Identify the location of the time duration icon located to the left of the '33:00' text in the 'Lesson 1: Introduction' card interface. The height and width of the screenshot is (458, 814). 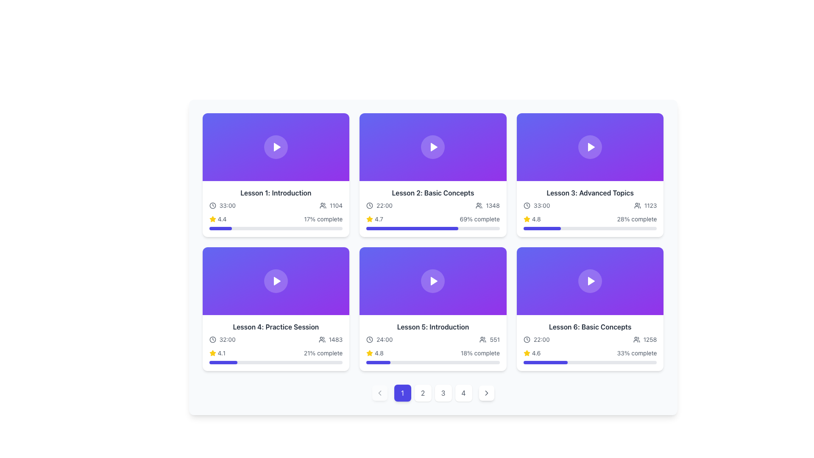
(212, 206).